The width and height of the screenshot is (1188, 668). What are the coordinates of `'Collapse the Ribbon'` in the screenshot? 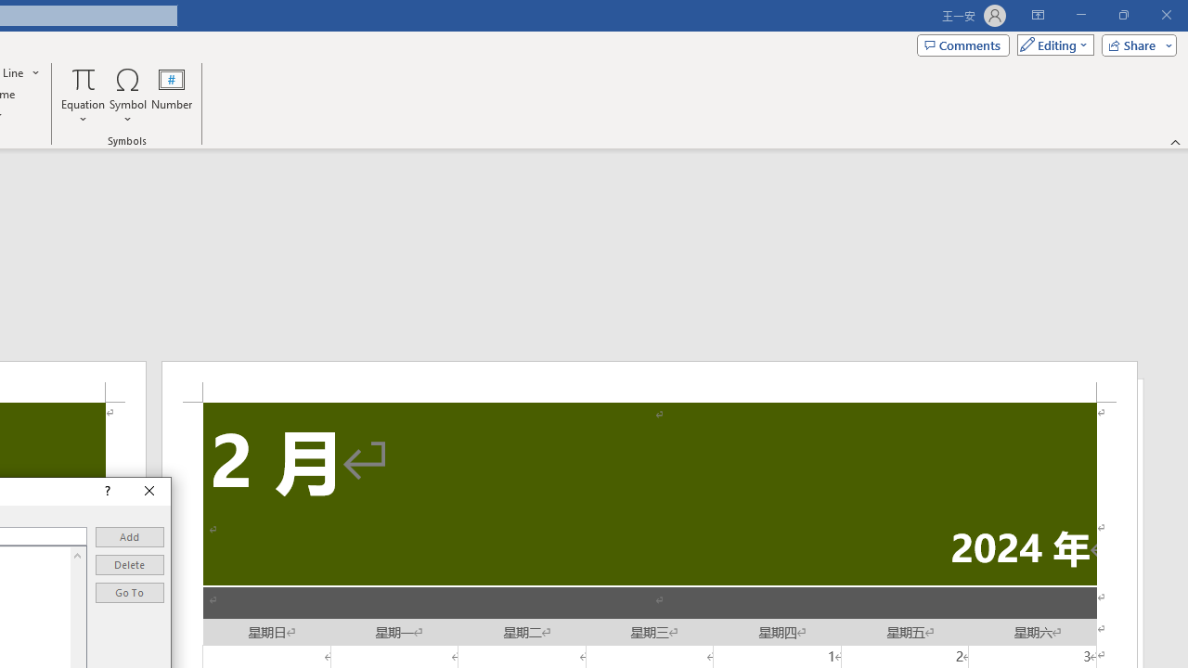 It's located at (1175, 141).